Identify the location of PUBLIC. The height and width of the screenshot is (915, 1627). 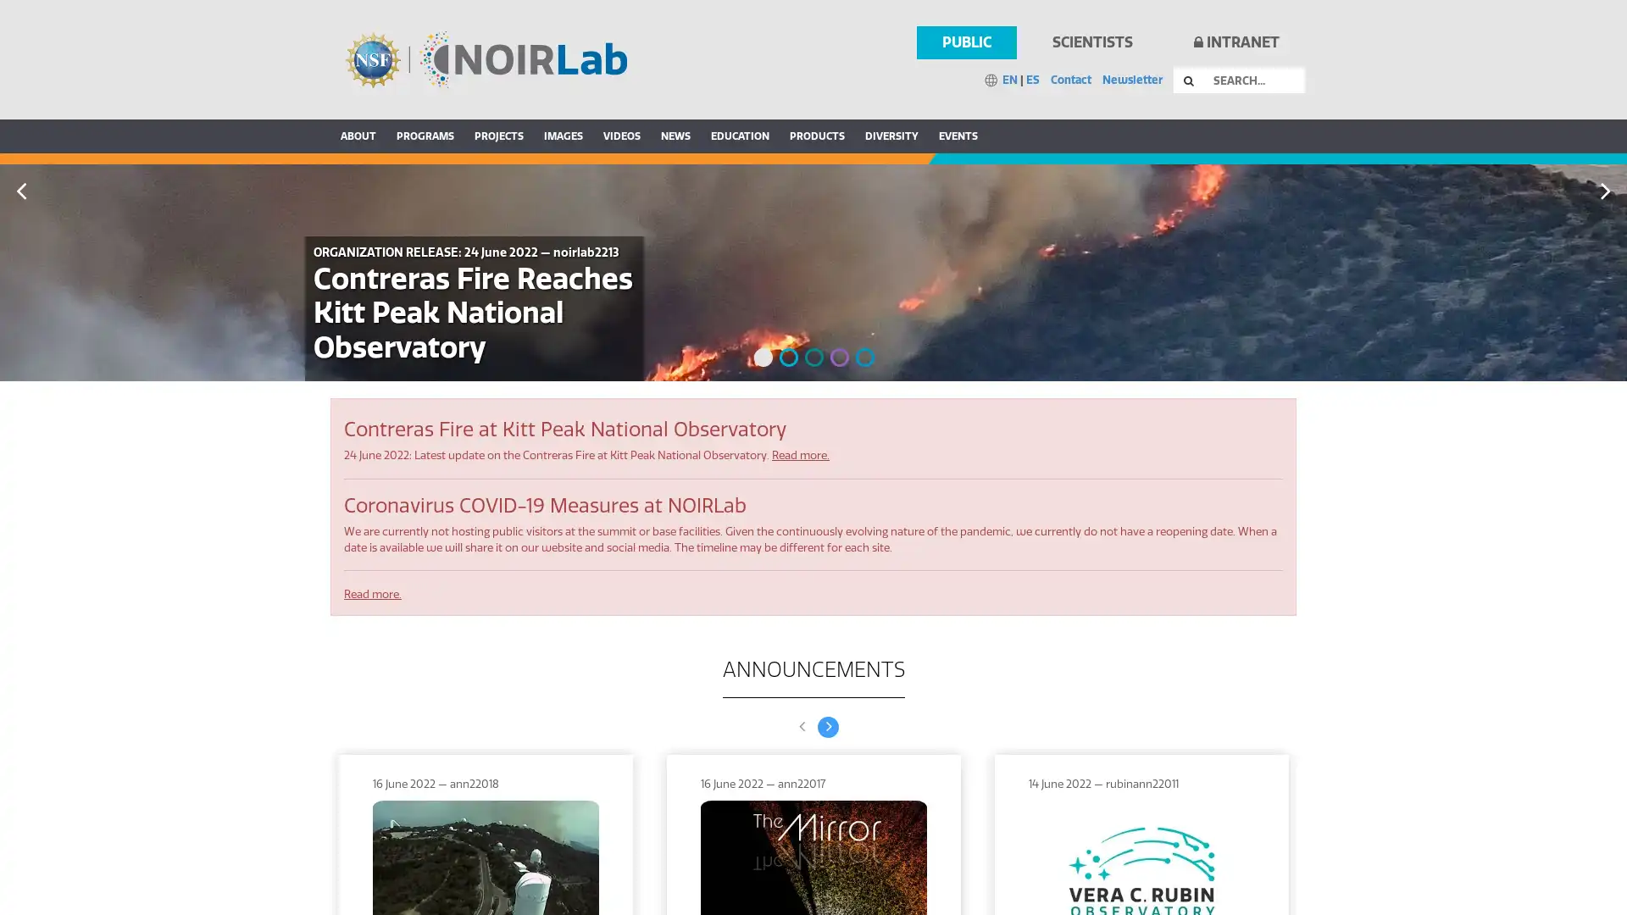
(966, 42).